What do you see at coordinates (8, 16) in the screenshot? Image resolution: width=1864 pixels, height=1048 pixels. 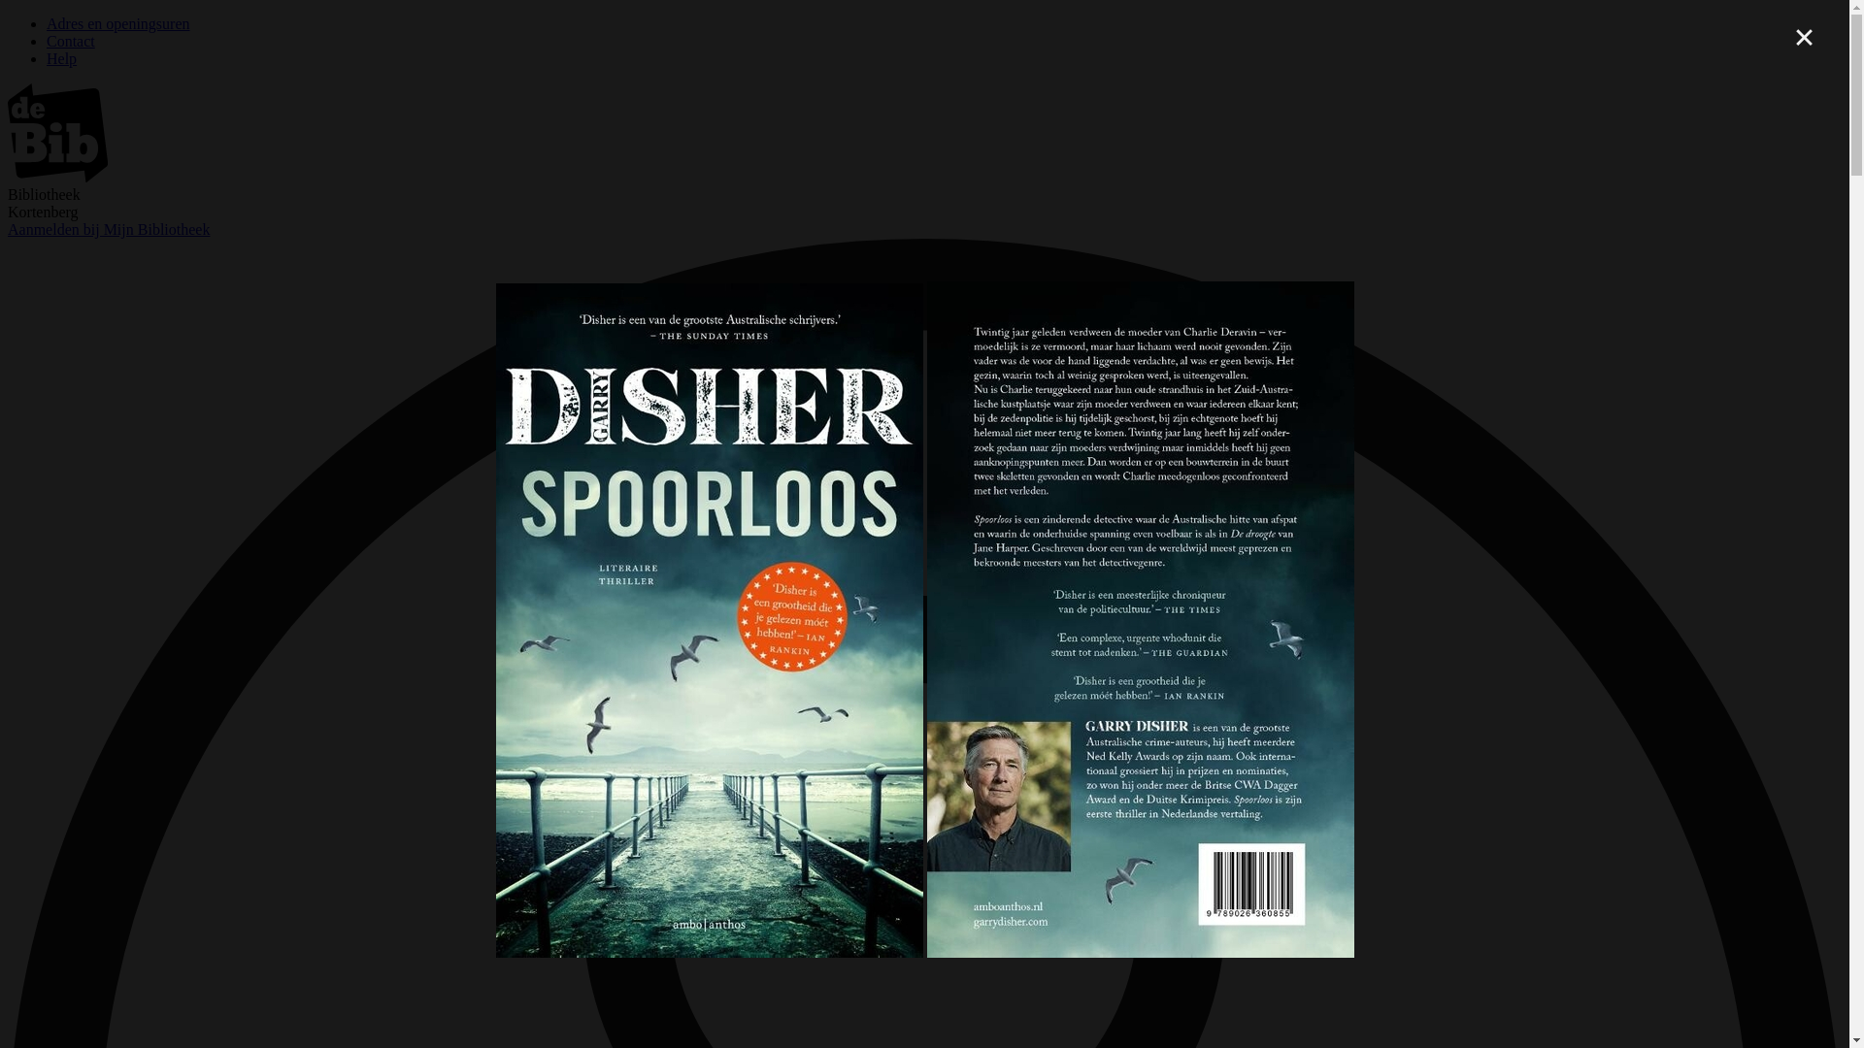 I see `'Overslaan en naar zoeken gaan'` at bounding box center [8, 16].